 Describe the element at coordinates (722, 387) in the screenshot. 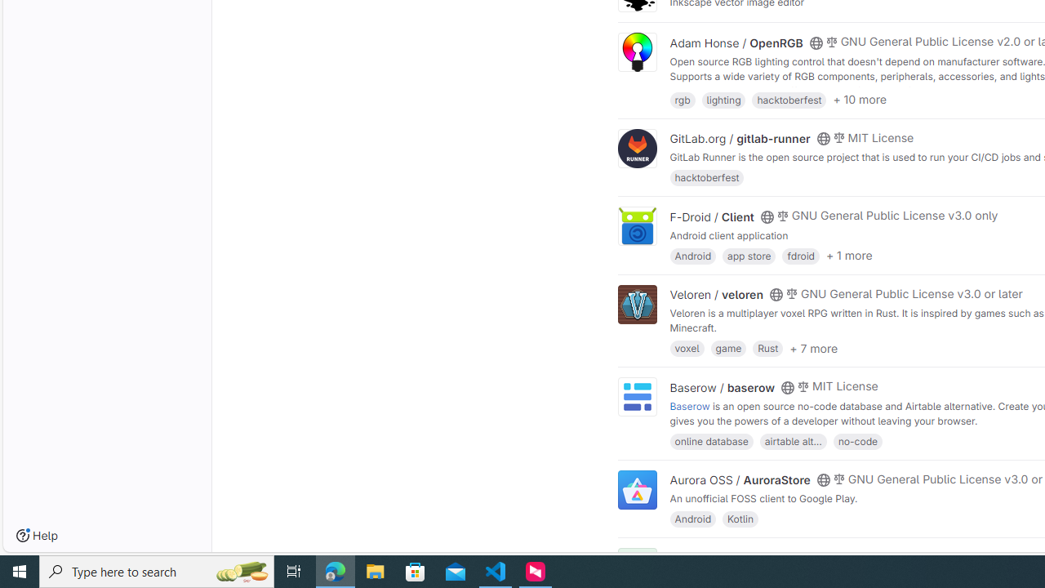

I see `'Baserow / baserow'` at that location.